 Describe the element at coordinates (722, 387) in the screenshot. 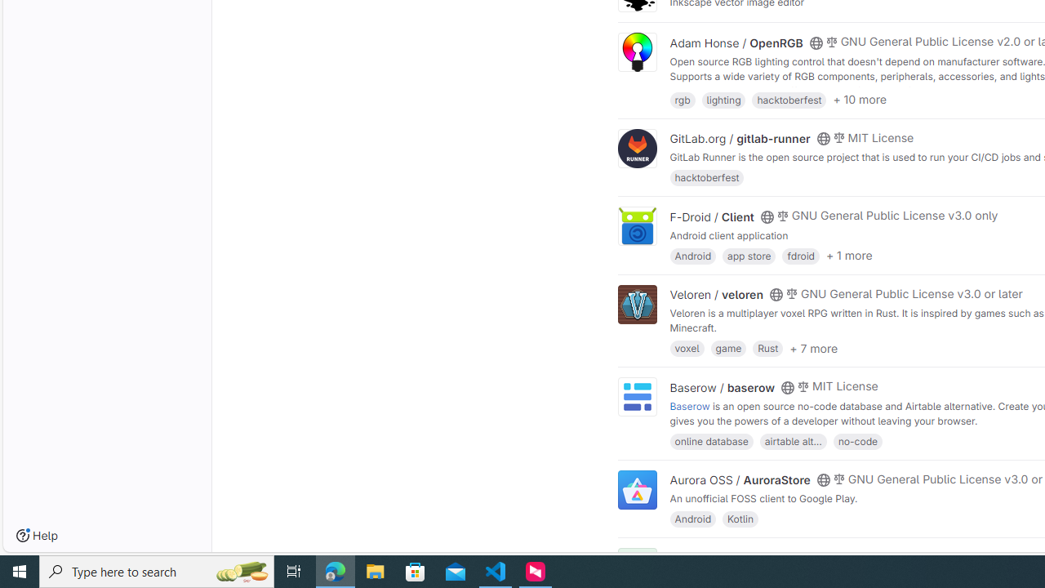

I see `'Baserow / baserow'` at that location.